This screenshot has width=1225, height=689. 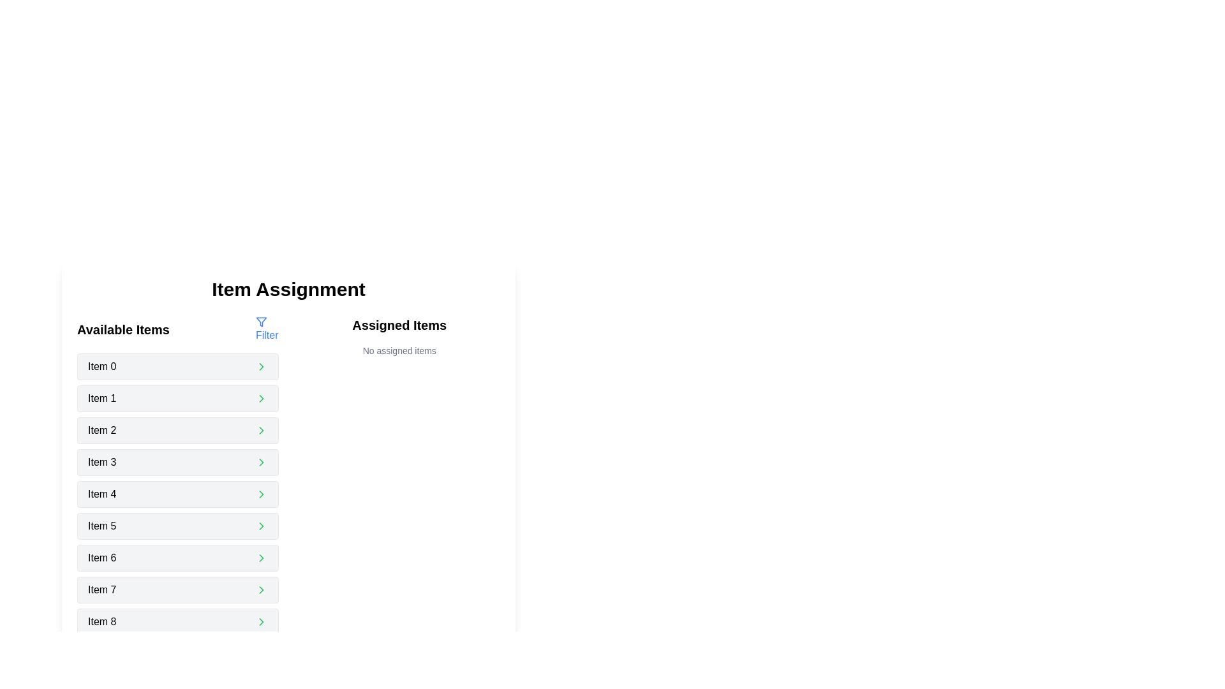 I want to click on the first item, so click(x=177, y=366).